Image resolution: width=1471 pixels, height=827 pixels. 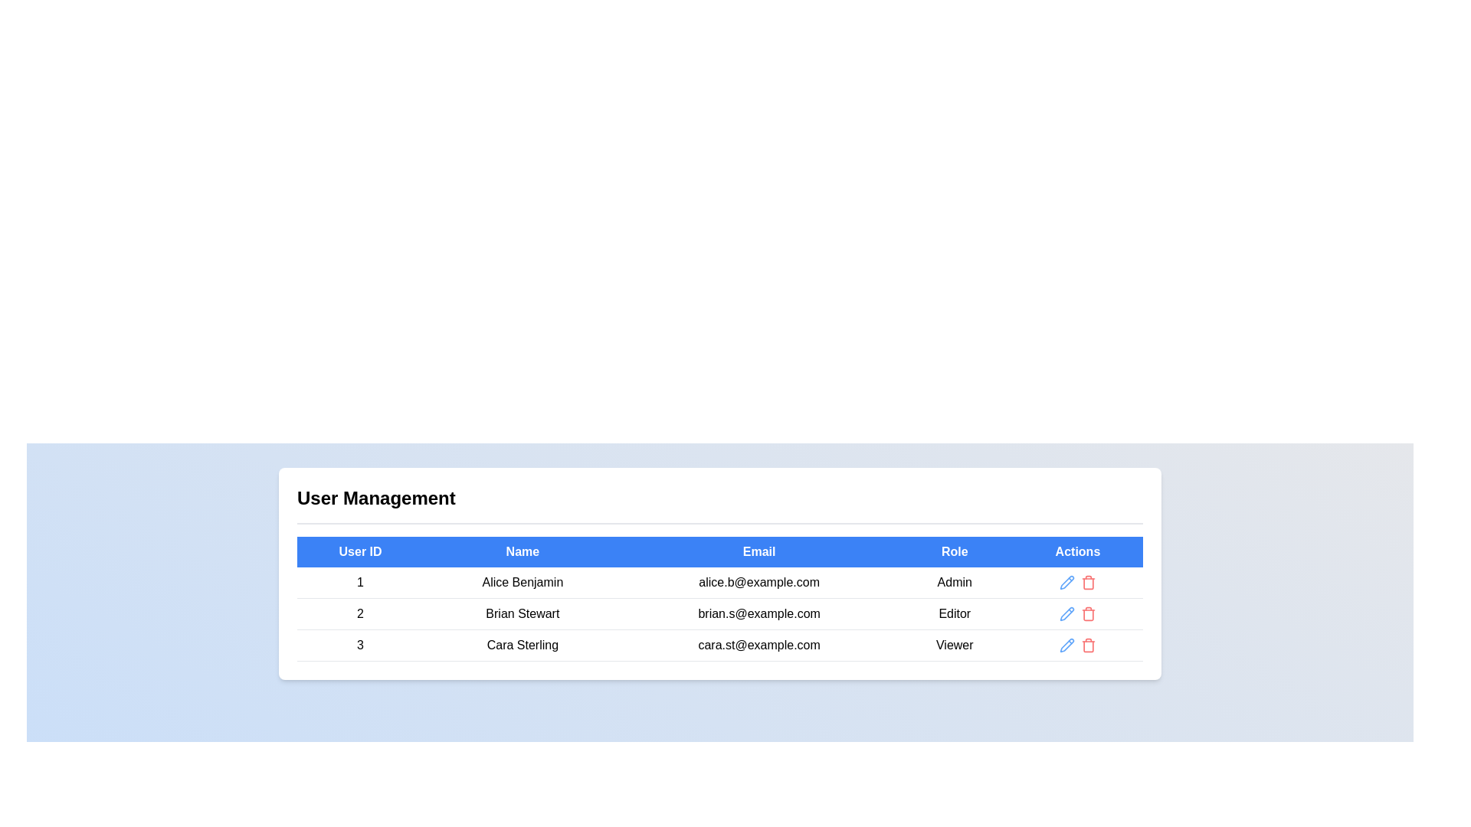 I want to click on the blue edit icon in the actions column of the first row associated with Alice Benjamin, so click(x=1076, y=583).